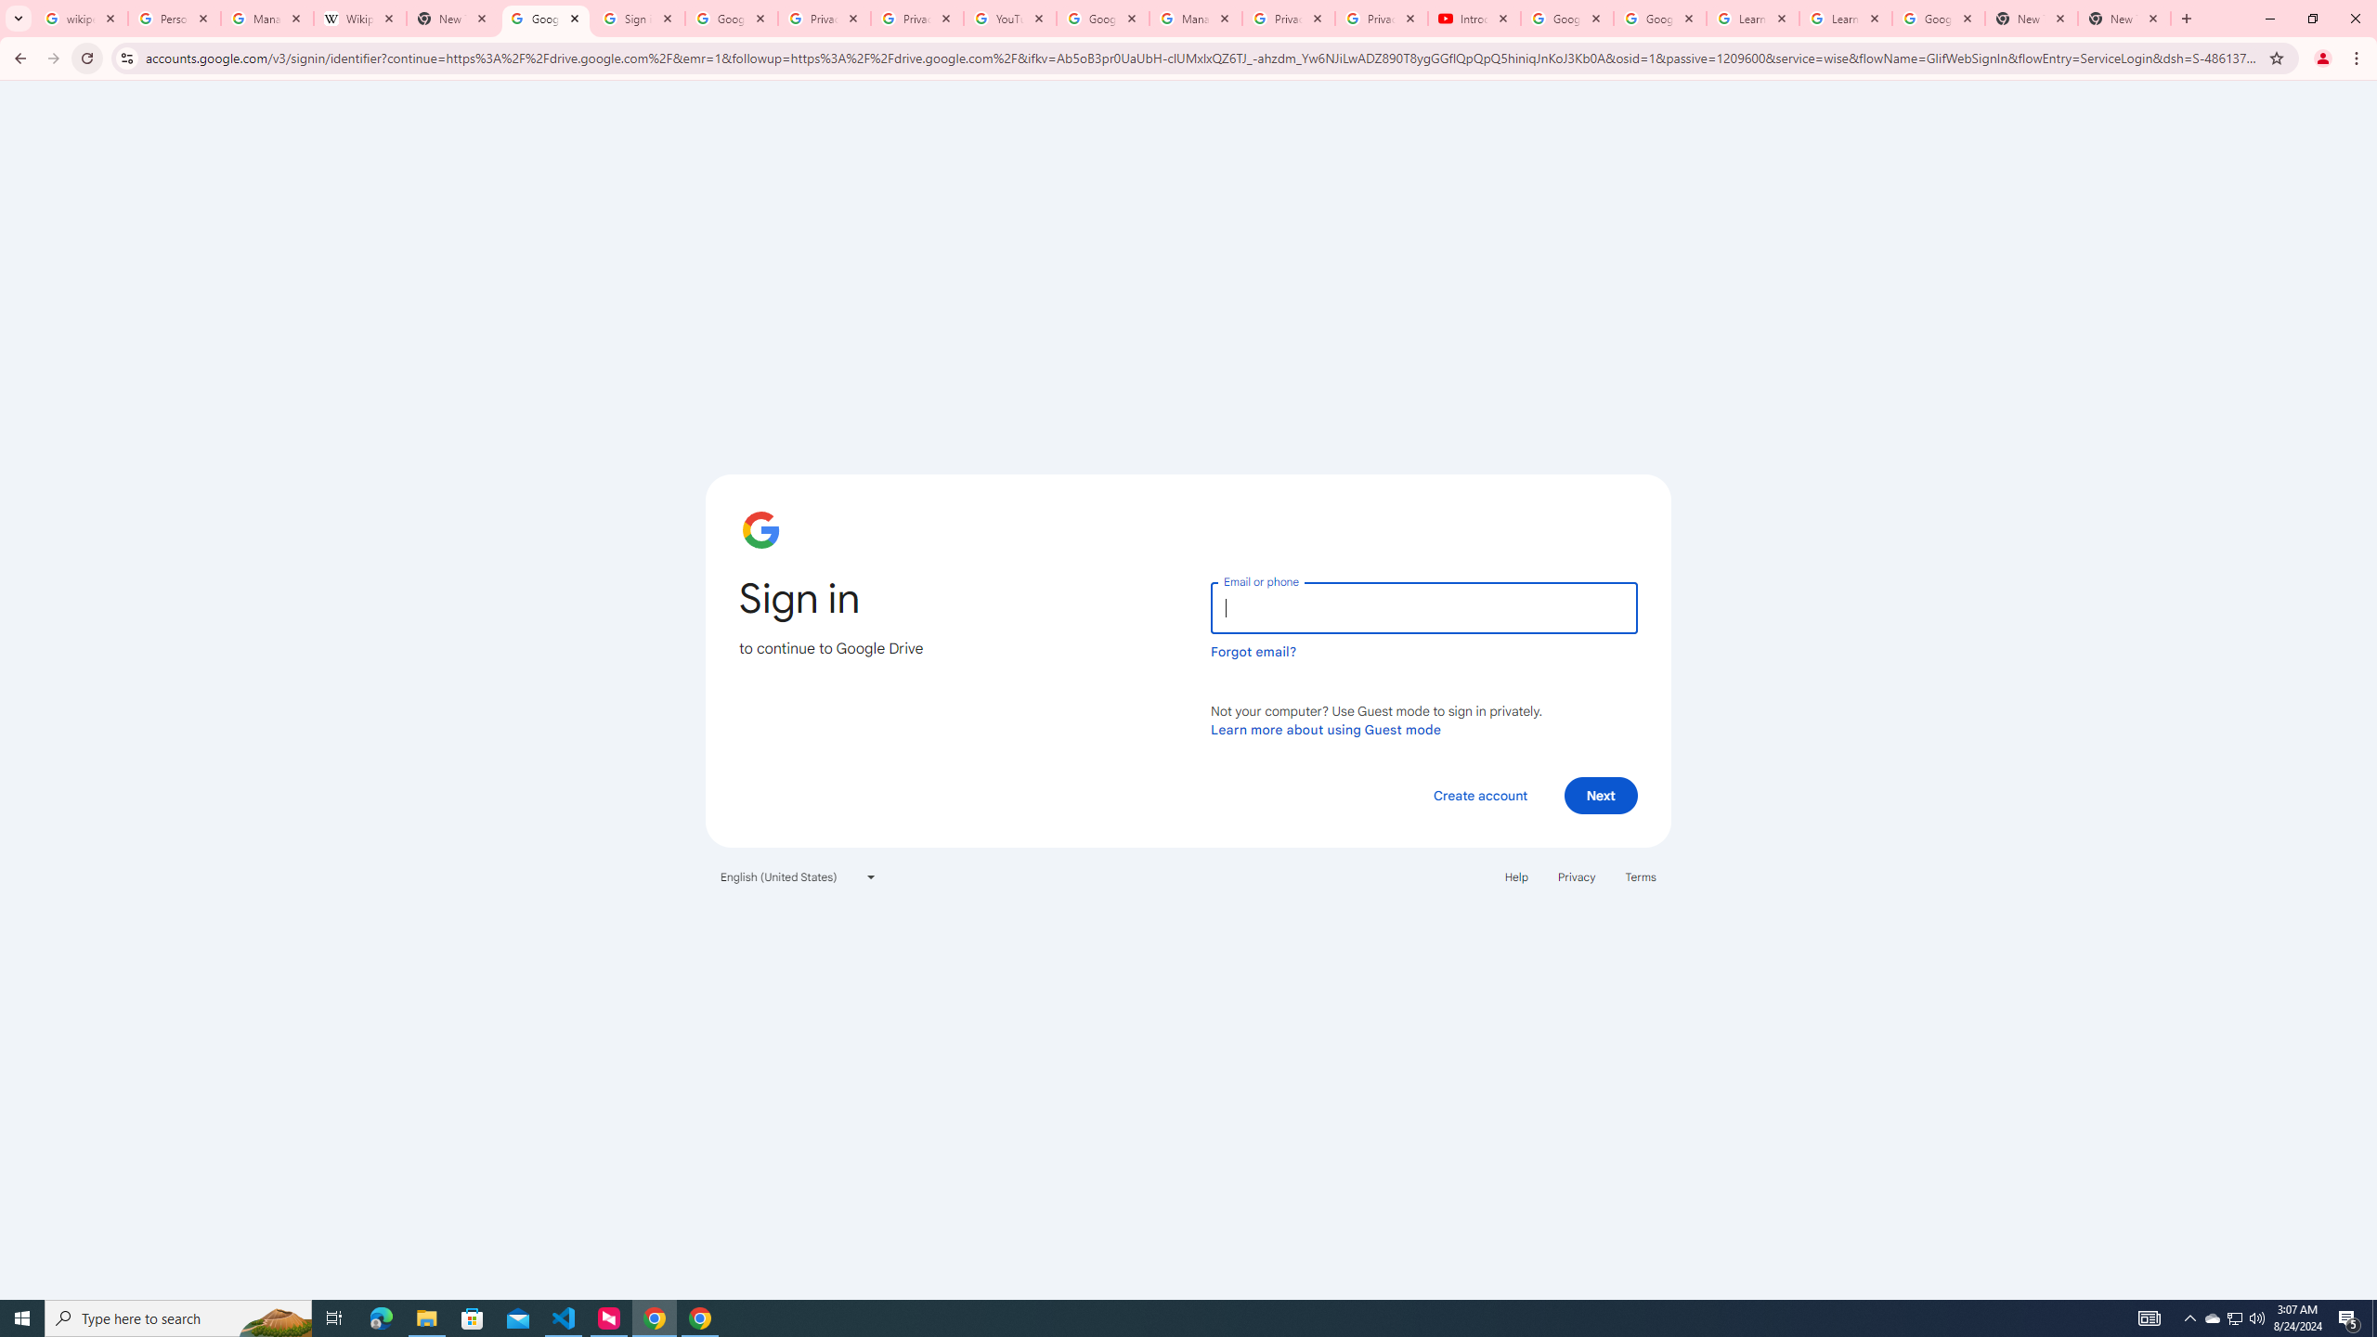  What do you see at coordinates (2124, 18) in the screenshot?
I see `'New Tab'` at bounding box center [2124, 18].